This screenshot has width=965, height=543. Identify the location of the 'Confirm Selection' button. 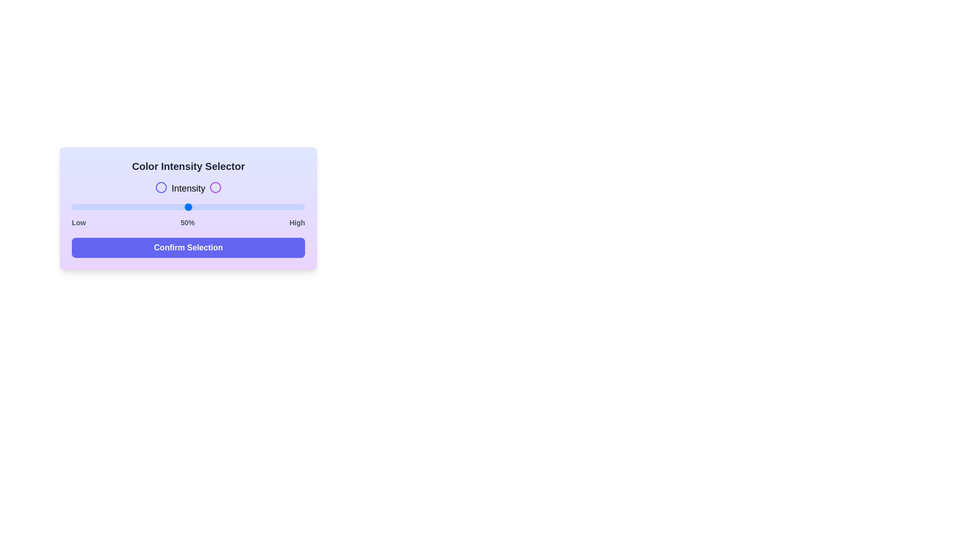
(188, 248).